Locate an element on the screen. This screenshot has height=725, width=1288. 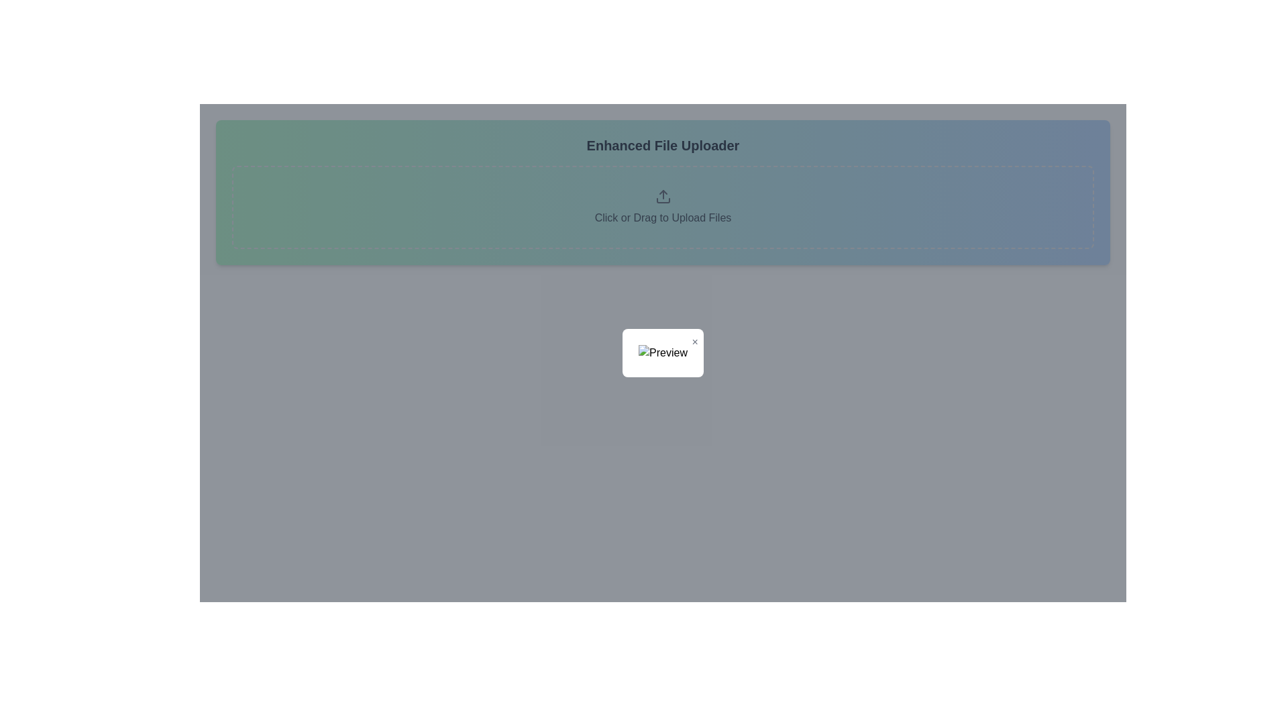
the gray horizontal line that forms the bottom section of the upload icon within the SVG structure is located at coordinates (663, 201).